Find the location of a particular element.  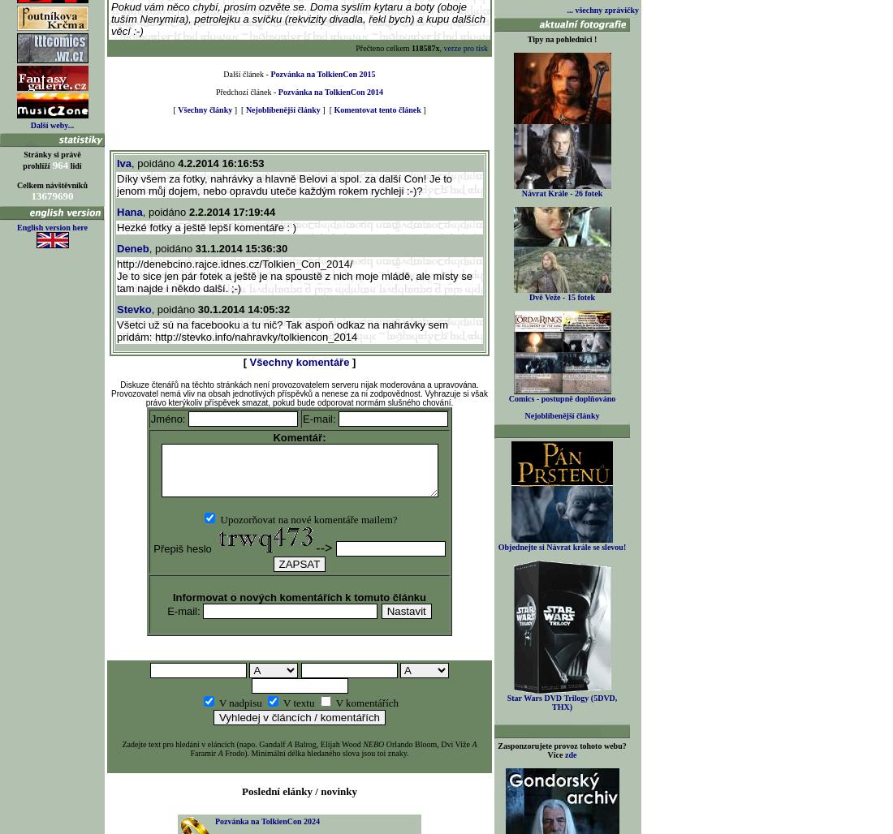

'Comics - postupně doplňováno' is located at coordinates (561, 398).